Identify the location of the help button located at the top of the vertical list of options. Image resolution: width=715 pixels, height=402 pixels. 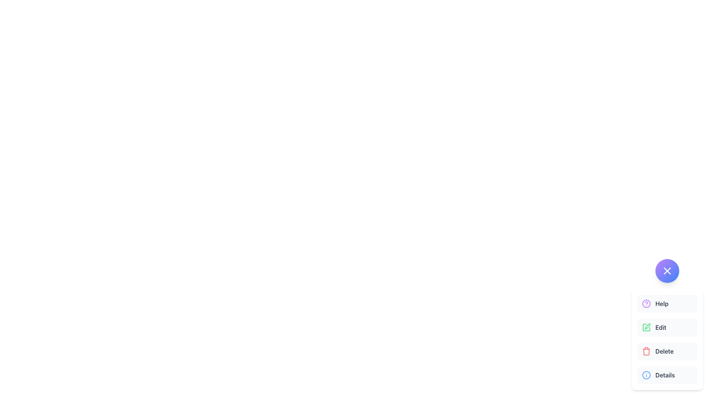
(667, 304).